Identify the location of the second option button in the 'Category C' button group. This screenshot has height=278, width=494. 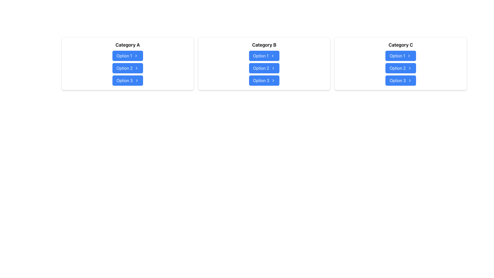
(400, 63).